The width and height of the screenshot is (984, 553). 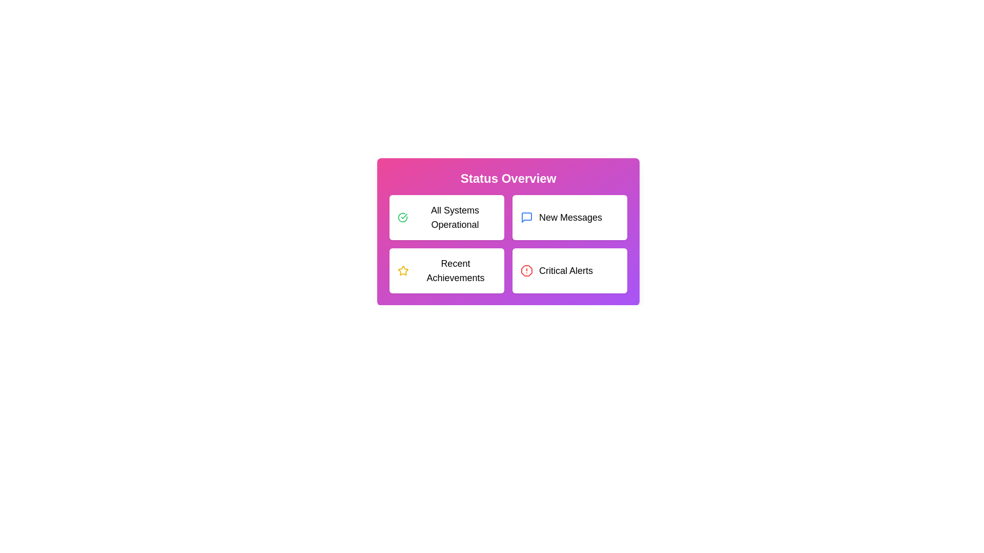 What do you see at coordinates (455, 217) in the screenshot?
I see `the status label indicating that all systems are operational, located at the leftmost position in the top row of the 2x2 grid layout within the 'Status Overview' box` at bounding box center [455, 217].